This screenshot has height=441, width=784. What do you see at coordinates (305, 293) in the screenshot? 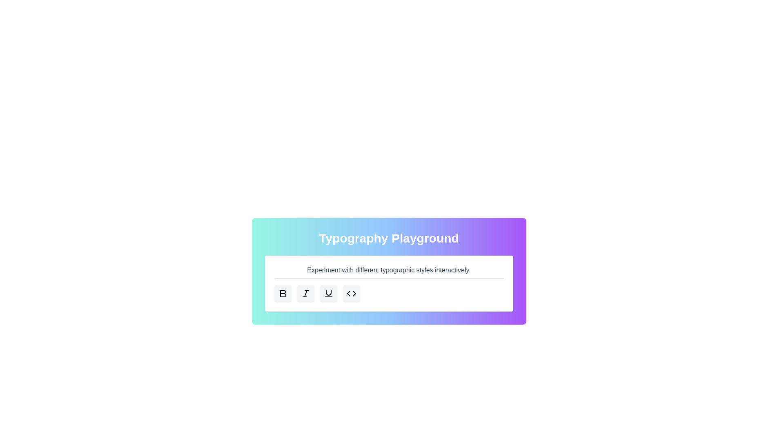
I see `the italicized 'I' icon, which is black on a white circular background` at bounding box center [305, 293].